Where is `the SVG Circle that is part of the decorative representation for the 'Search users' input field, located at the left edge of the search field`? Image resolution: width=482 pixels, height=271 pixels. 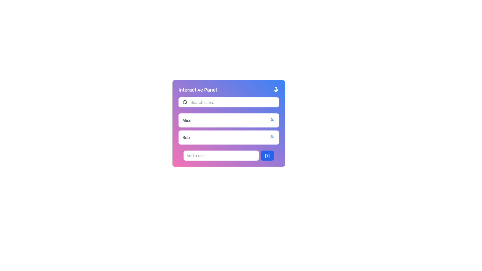
the SVG Circle that is part of the decorative representation for the 'Search users' input field, located at the left edge of the search field is located at coordinates (185, 102).